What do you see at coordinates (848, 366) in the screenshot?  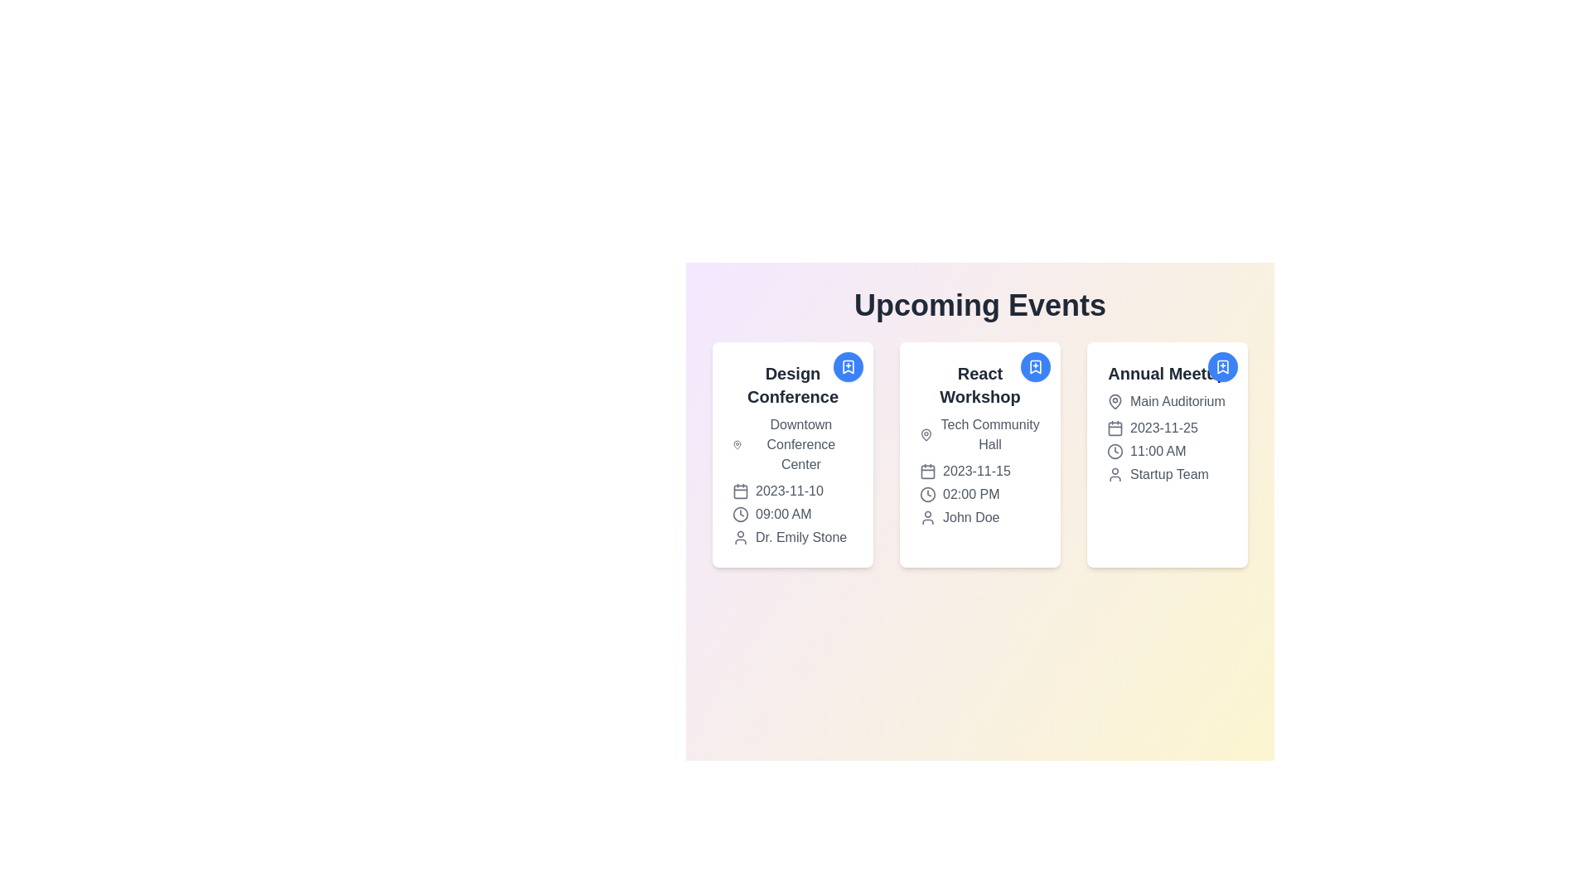 I see `the bookmark-shaped icon button with a blue background and a white outline located at the top-right corner of the 'Design Conference' card` at bounding box center [848, 366].